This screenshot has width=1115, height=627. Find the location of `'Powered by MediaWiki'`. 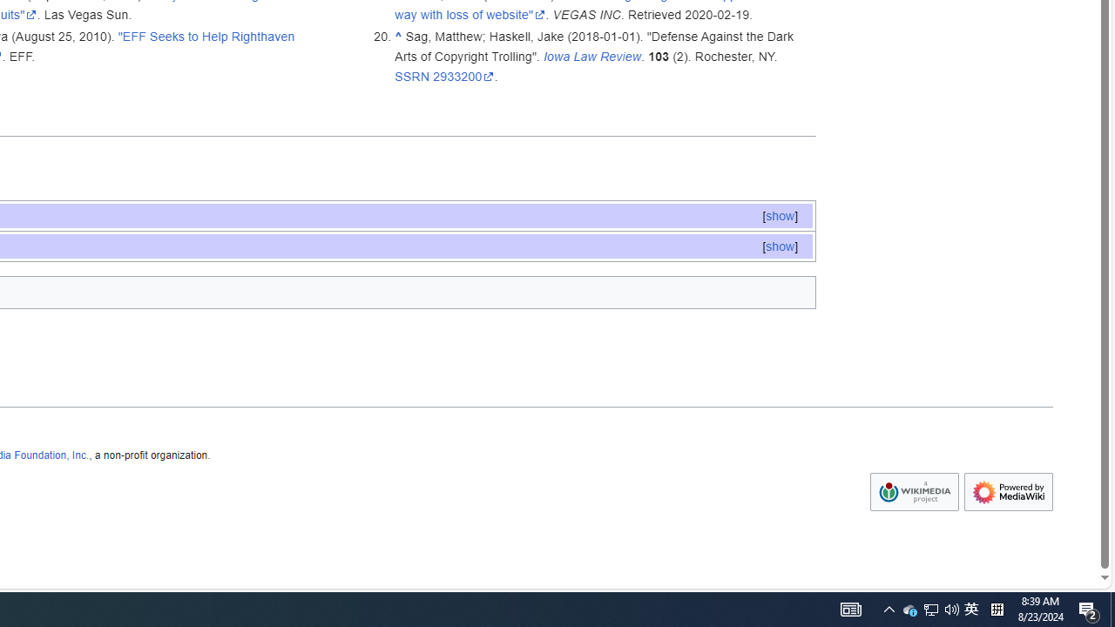

'Powered by MediaWiki' is located at coordinates (1009, 492).